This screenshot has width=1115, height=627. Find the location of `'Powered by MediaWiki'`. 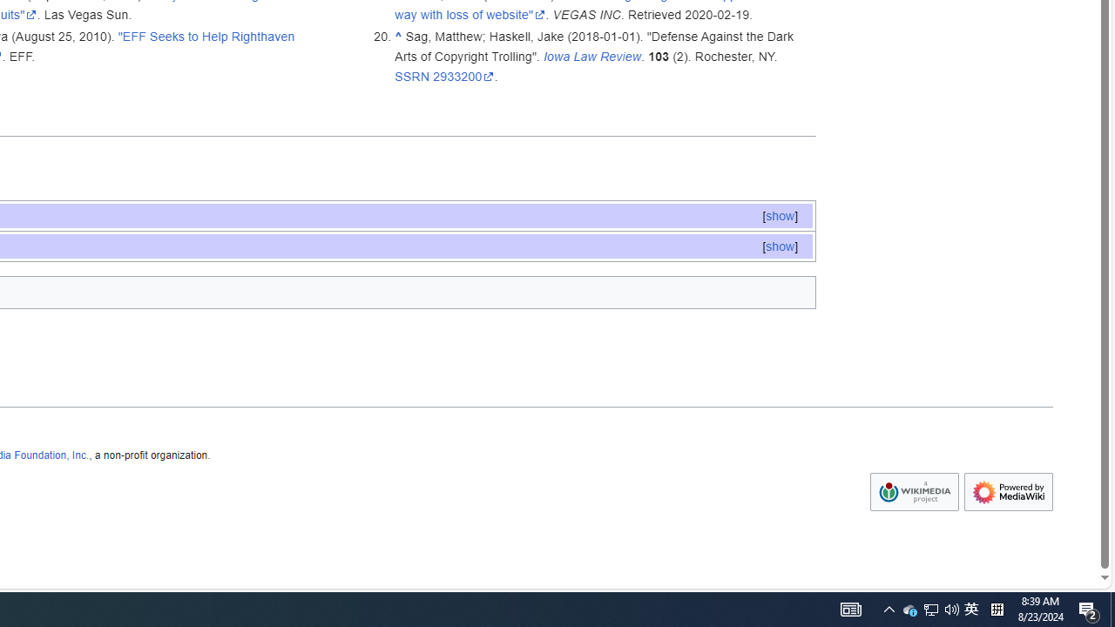

'Powered by MediaWiki' is located at coordinates (1009, 492).